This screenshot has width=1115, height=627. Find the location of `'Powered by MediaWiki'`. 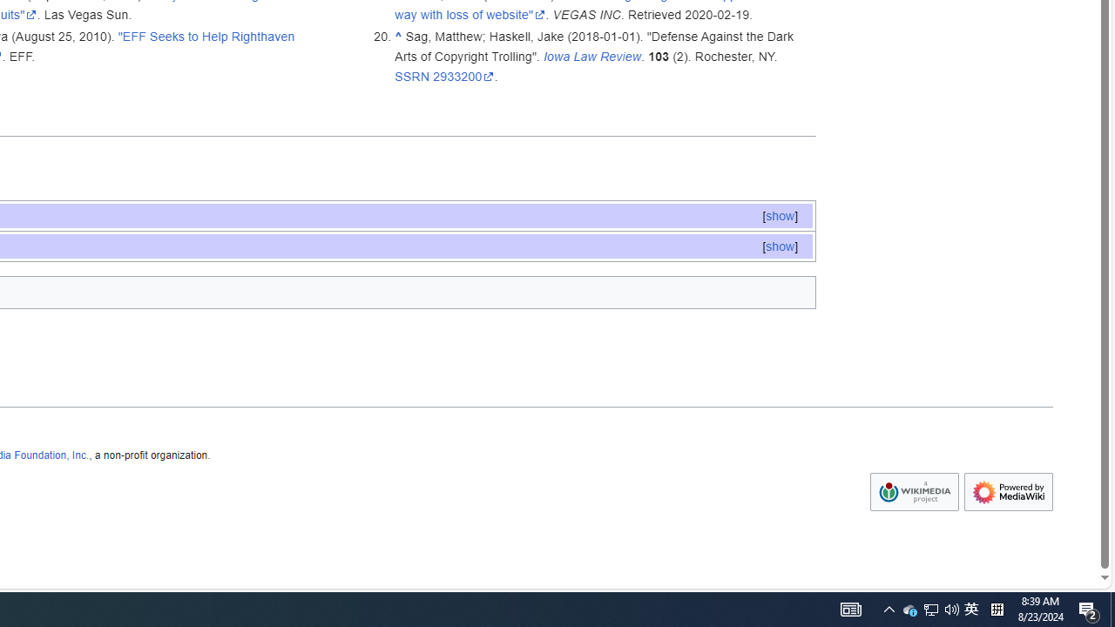

'Powered by MediaWiki' is located at coordinates (1009, 492).